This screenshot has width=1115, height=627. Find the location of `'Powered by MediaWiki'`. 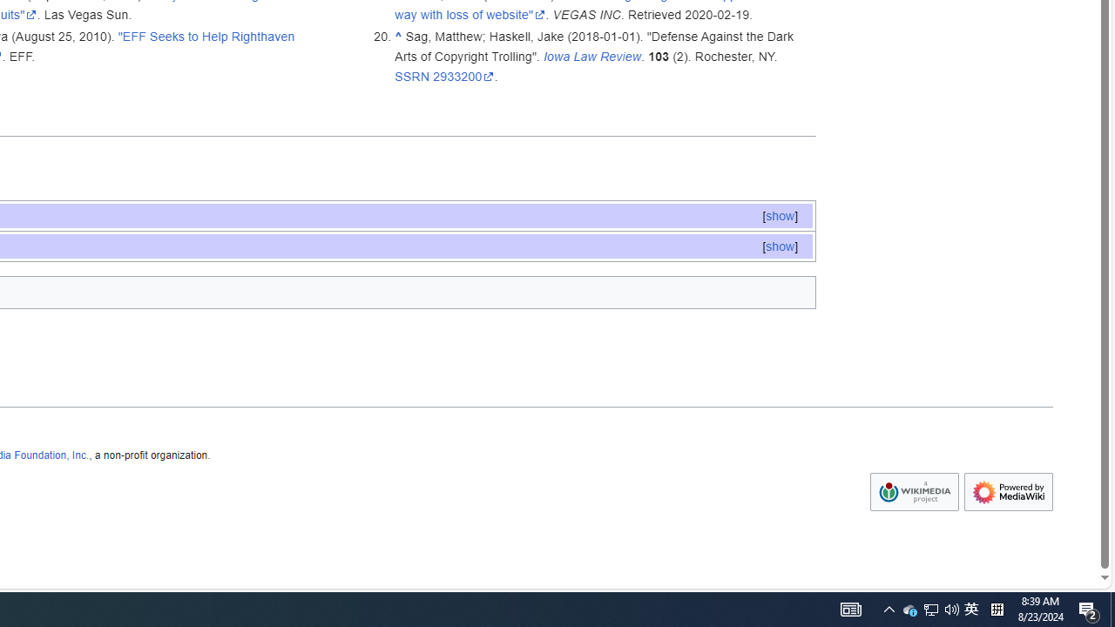

'Powered by MediaWiki' is located at coordinates (1009, 492).